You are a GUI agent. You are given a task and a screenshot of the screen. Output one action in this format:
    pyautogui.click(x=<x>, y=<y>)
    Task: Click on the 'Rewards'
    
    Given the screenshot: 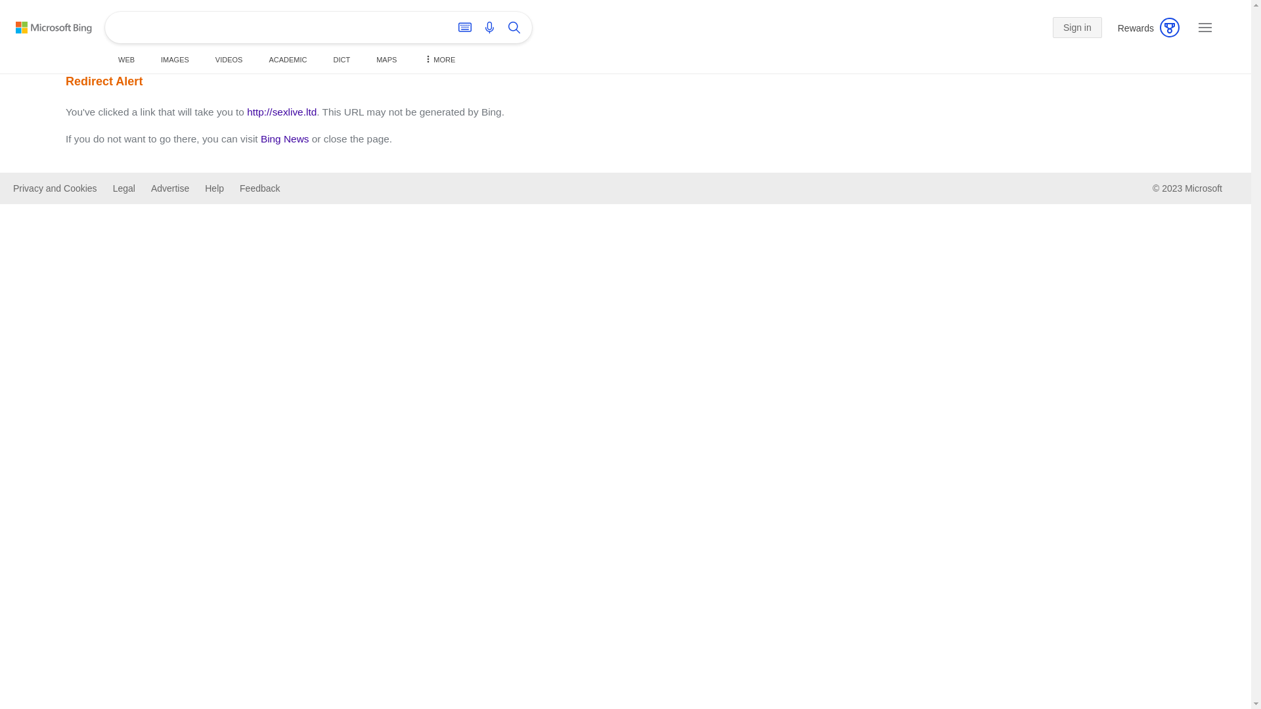 What is the action you would take?
    pyautogui.click(x=1102, y=28)
    